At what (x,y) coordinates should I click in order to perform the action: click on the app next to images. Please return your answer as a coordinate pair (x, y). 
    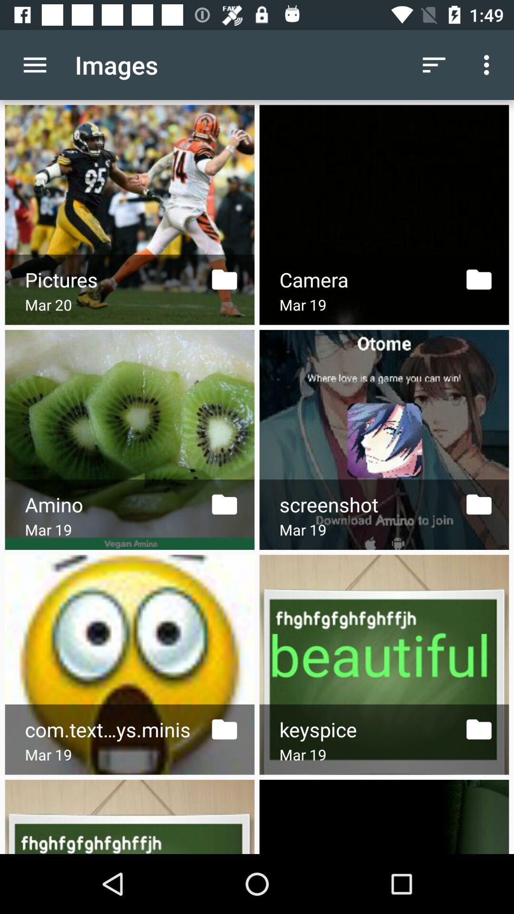
    Looking at the image, I should click on (434, 64).